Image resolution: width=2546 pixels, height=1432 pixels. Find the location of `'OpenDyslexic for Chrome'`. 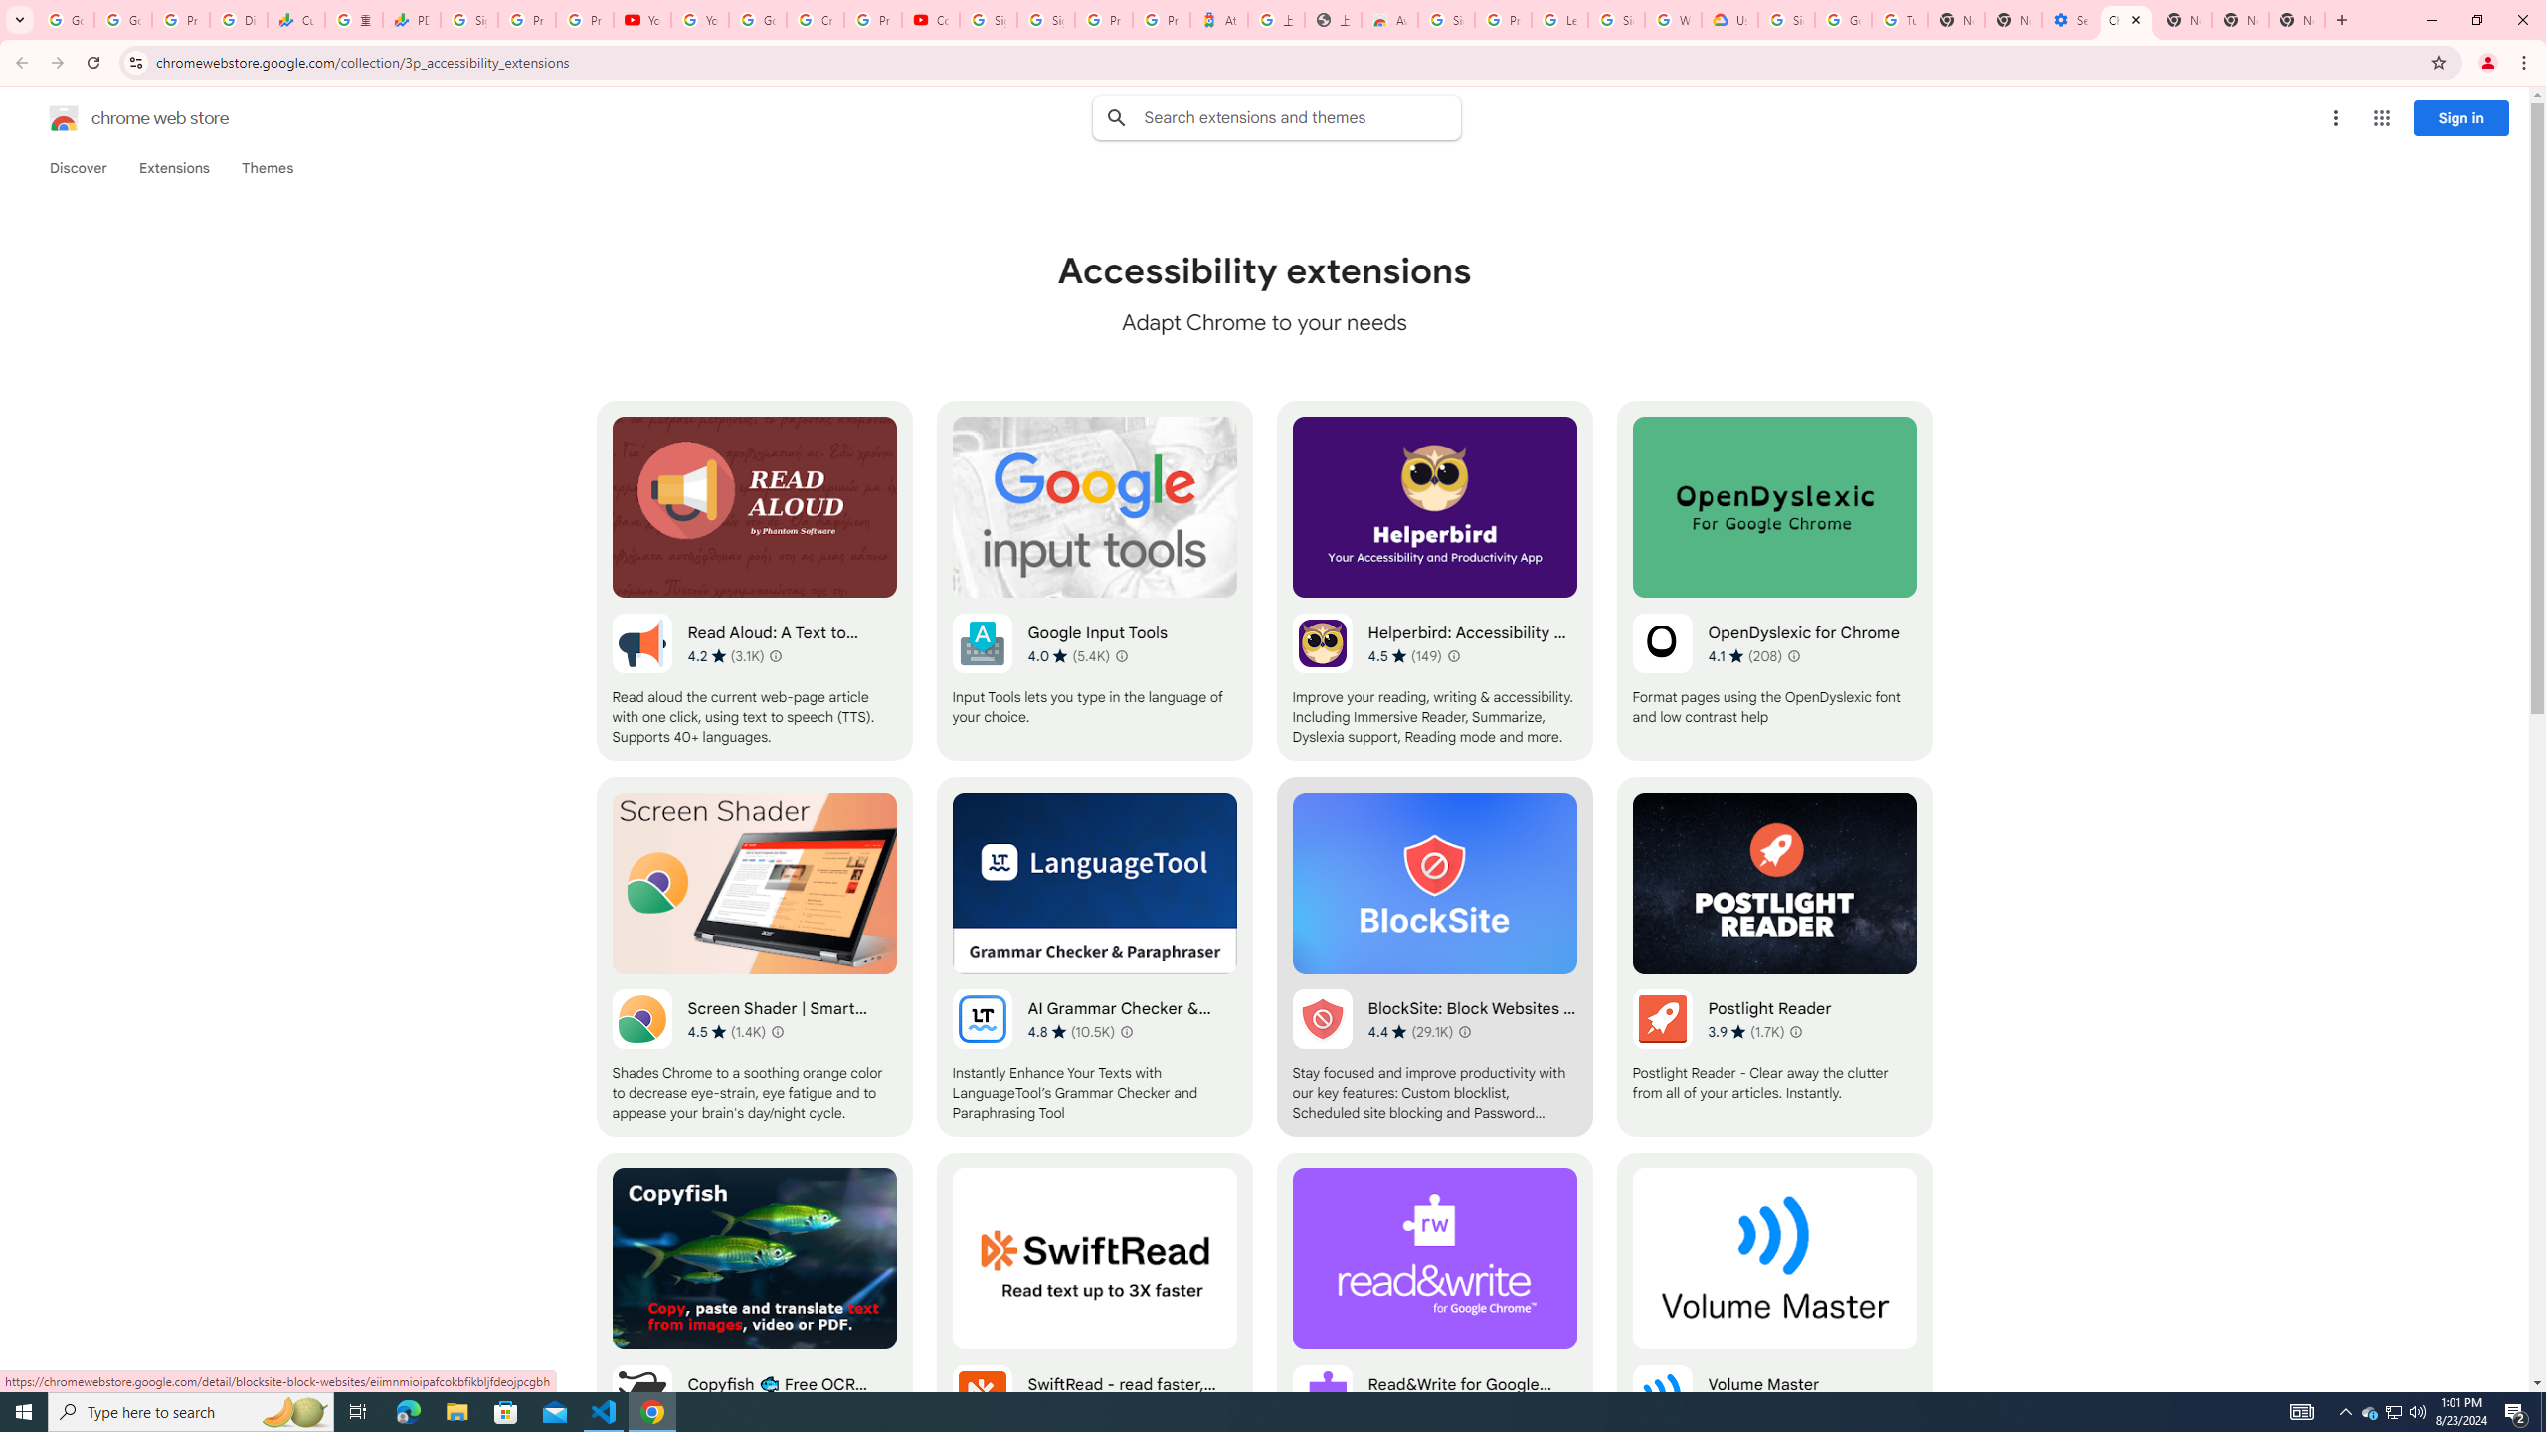

'OpenDyslexic for Chrome' is located at coordinates (1774, 579).